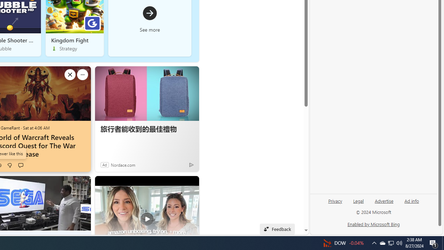  What do you see at coordinates (123, 165) in the screenshot?
I see `'Nordace.com'` at bounding box center [123, 165].